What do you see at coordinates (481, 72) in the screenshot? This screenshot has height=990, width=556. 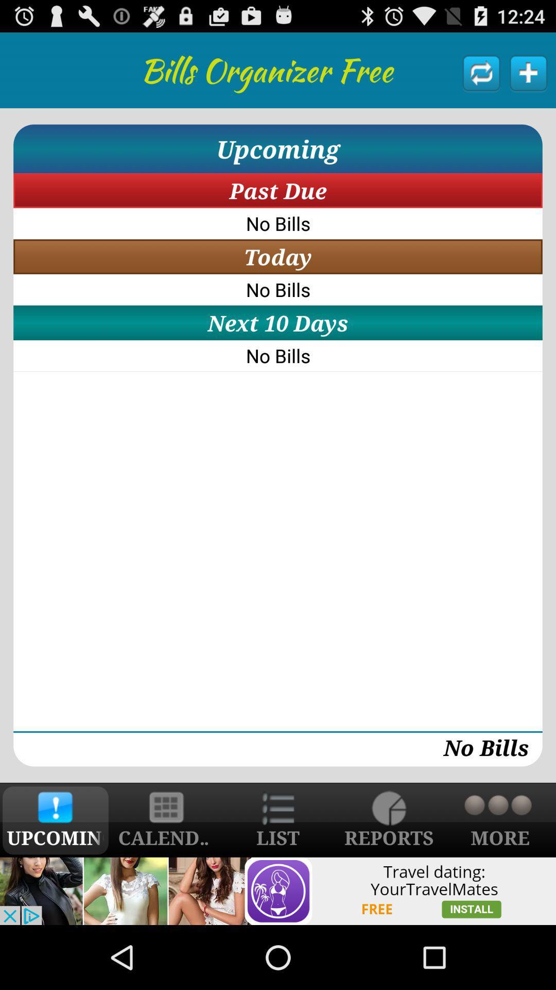 I see `refresh the list` at bounding box center [481, 72].